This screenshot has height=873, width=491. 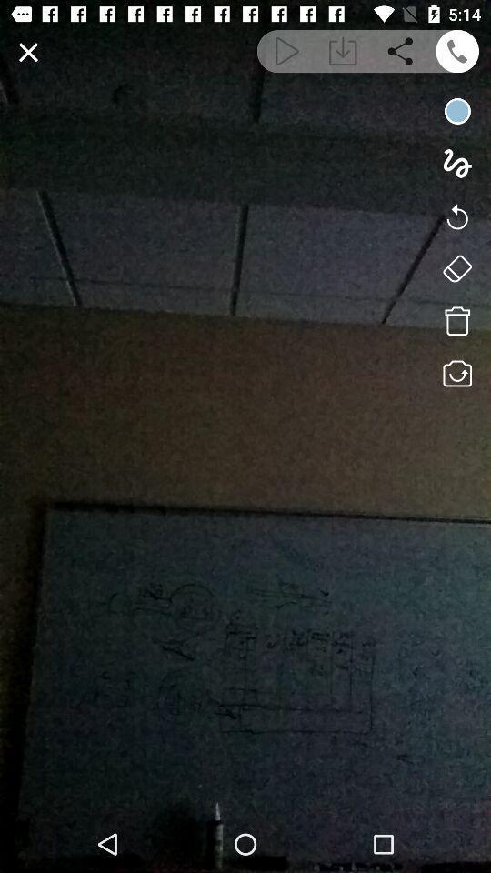 What do you see at coordinates (400, 50) in the screenshot?
I see `share the image` at bounding box center [400, 50].